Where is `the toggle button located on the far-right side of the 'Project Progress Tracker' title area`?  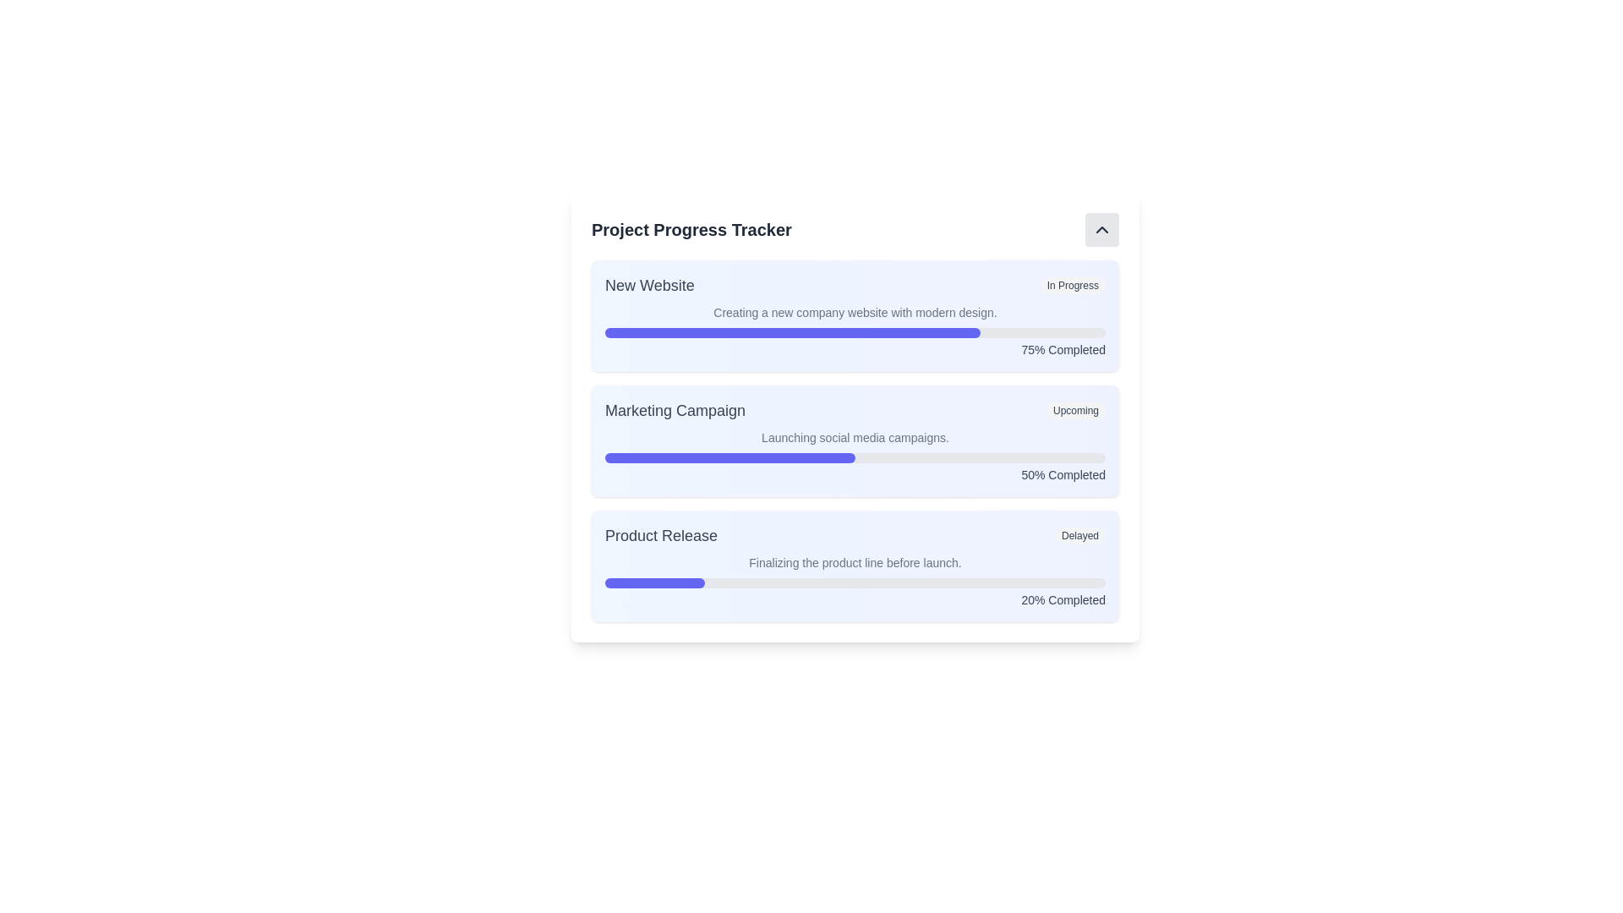 the toggle button located on the far-right side of the 'Project Progress Tracker' title area is located at coordinates (1102, 230).